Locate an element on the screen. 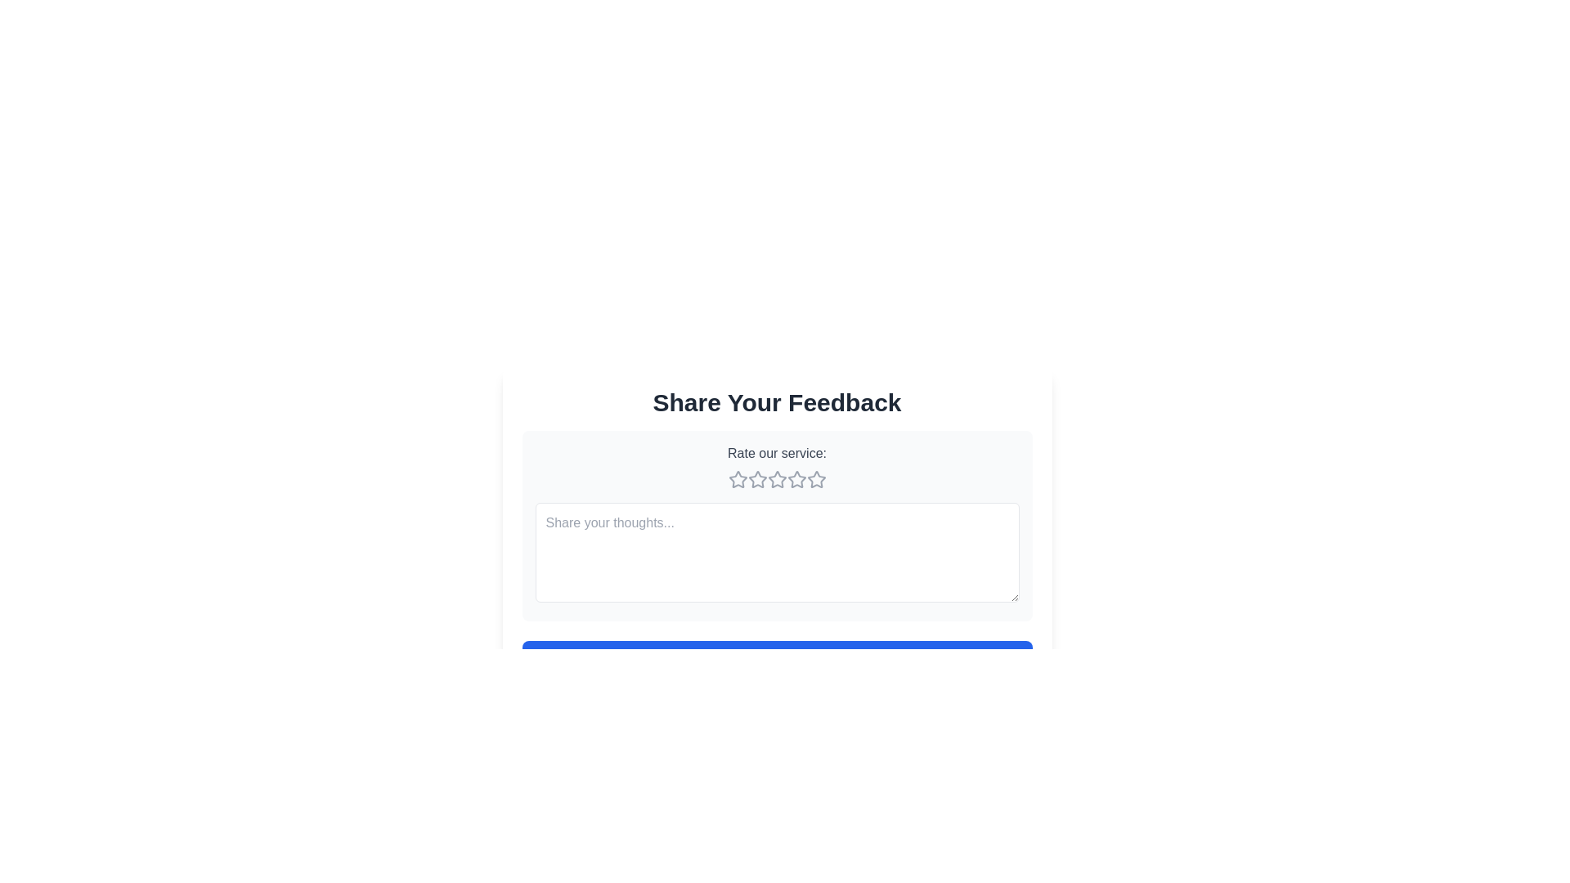 This screenshot has height=883, width=1570. the fifth star-shaped interactive icon outlined in gray, which represents a rating option, located under the 'Rate our service' prompt is located at coordinates (816, 478).